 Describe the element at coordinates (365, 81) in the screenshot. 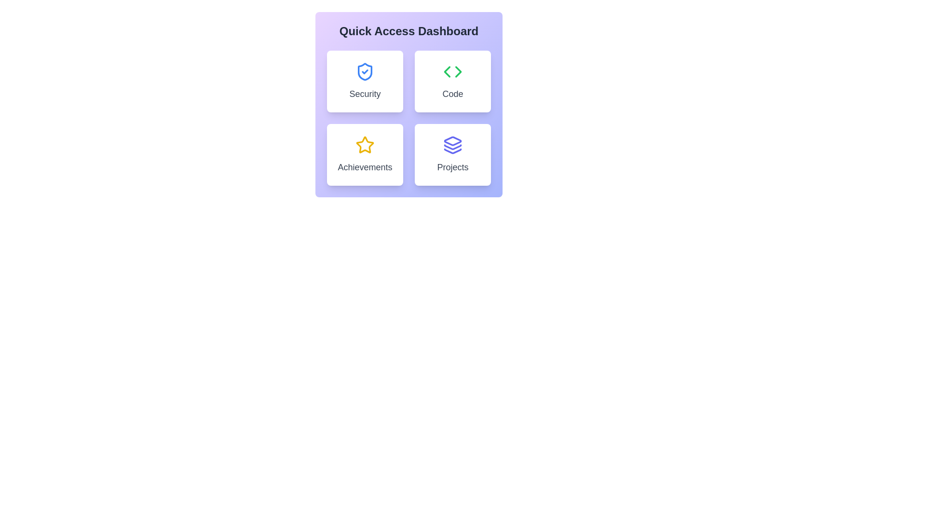

I see `the 'Security' selectable card component located in the top-left corner of the 2x2 grid in the 'Quick Access Dashboard'` at that location.